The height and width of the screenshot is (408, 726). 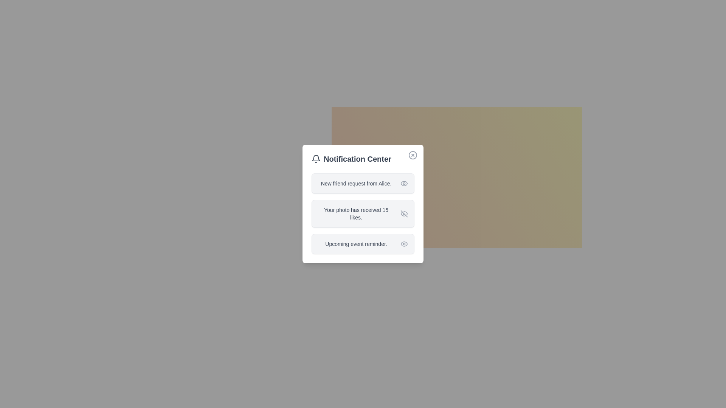 What do you see at coordinates (404, 214) in the screenshot?
I see `the Action icon button` at bounding box center [404, 214].